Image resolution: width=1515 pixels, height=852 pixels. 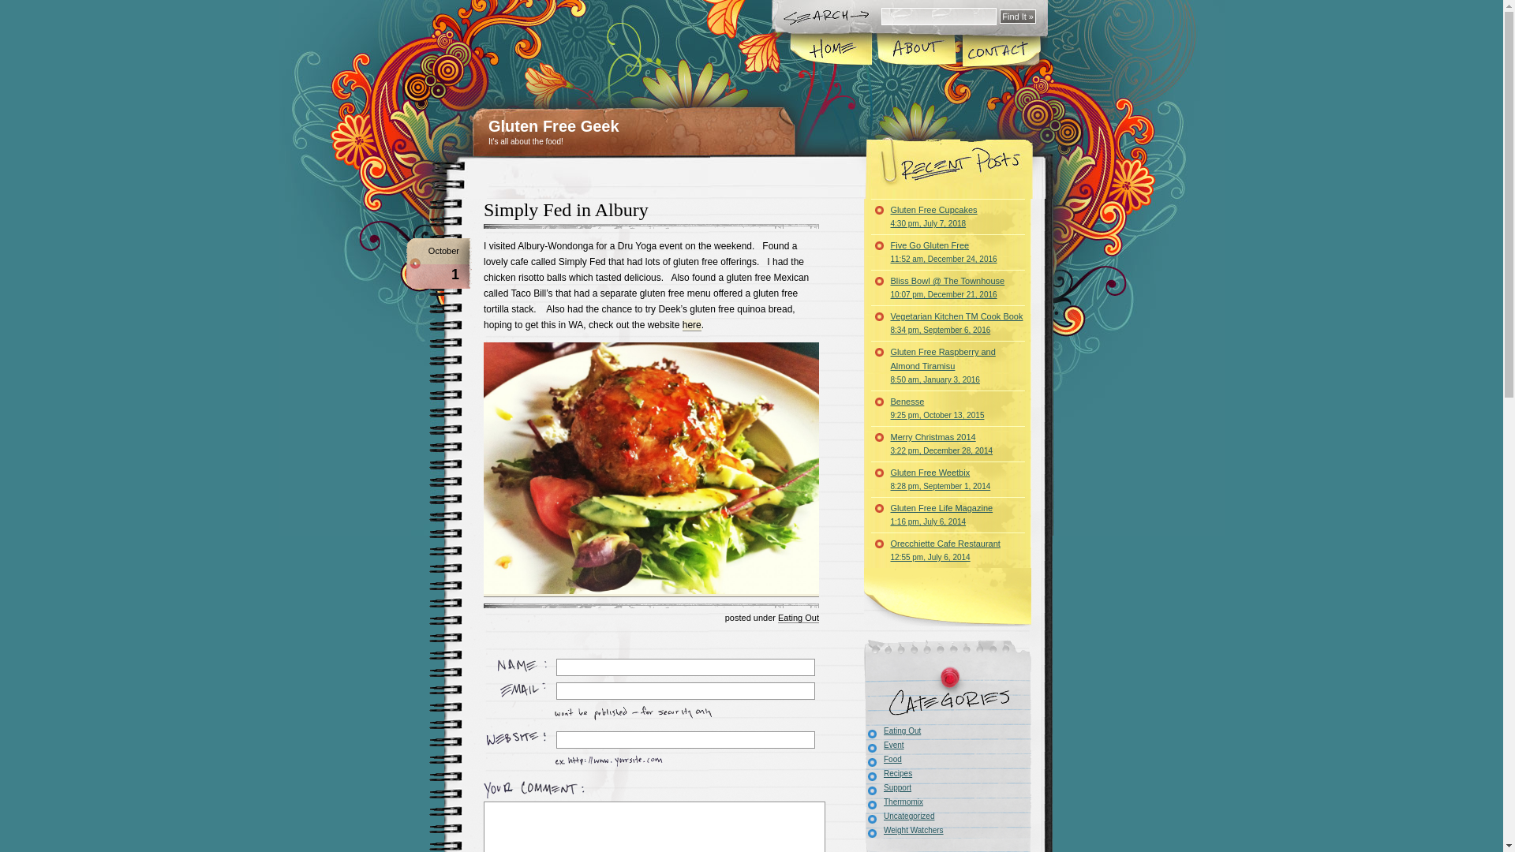 I want to click on 'Bliss Bowl @ The Townhouse, so click(x=947, y=287).